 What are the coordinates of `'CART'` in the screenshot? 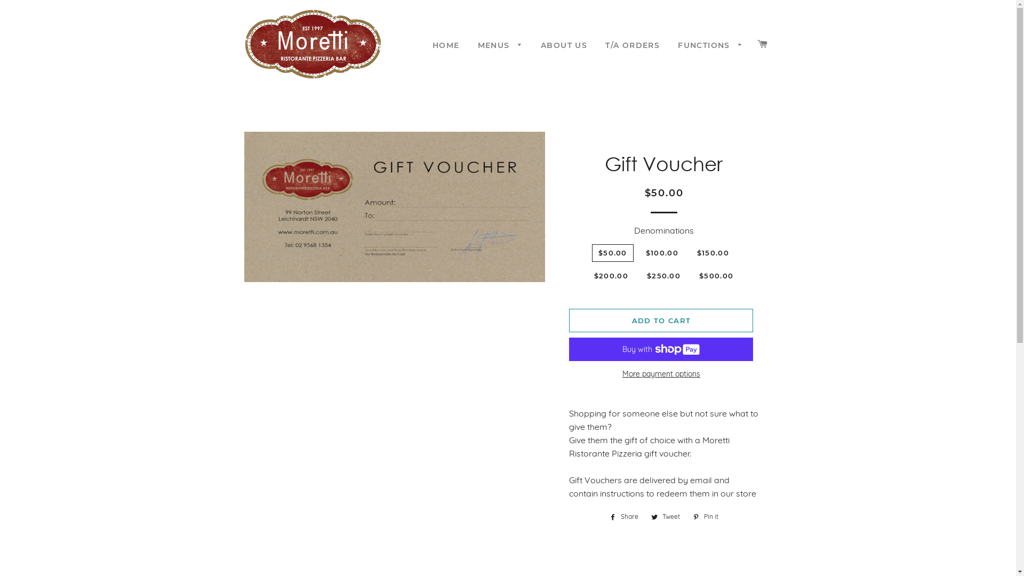 It's located at (762, 44).